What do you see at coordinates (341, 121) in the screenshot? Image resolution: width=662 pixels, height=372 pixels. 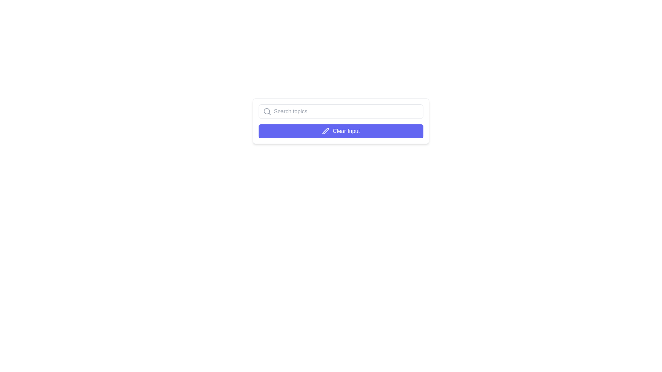 I see `the 'Clear Input' button, which is a rectangular button with white text on a blue background, located directly beneath the search bar` at bounding box center [341, 121].